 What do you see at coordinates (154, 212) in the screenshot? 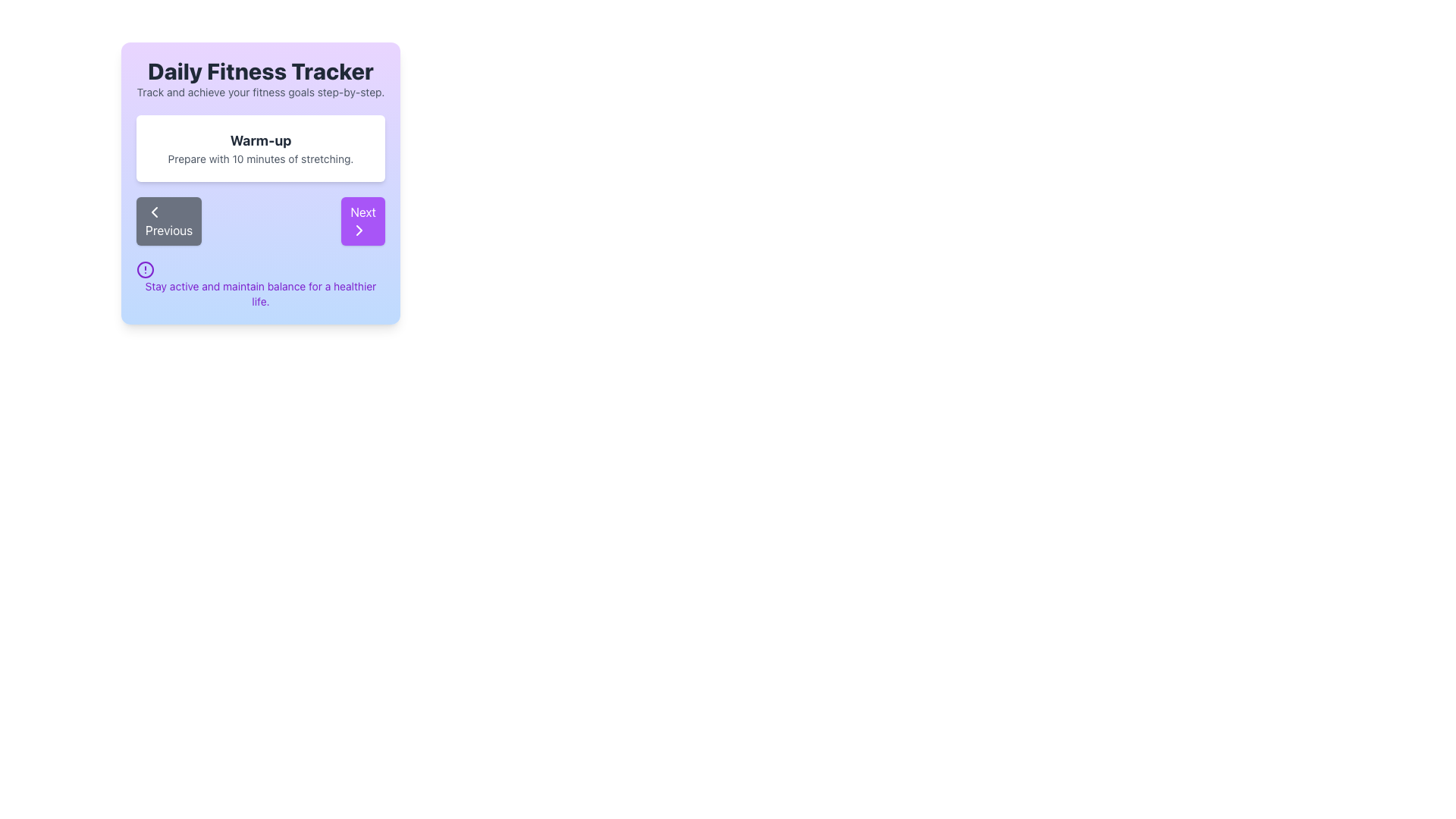
I see `the 'Previous' button which contains the left-pointing arrow SVG graphic` at bounding box center [154, 212].